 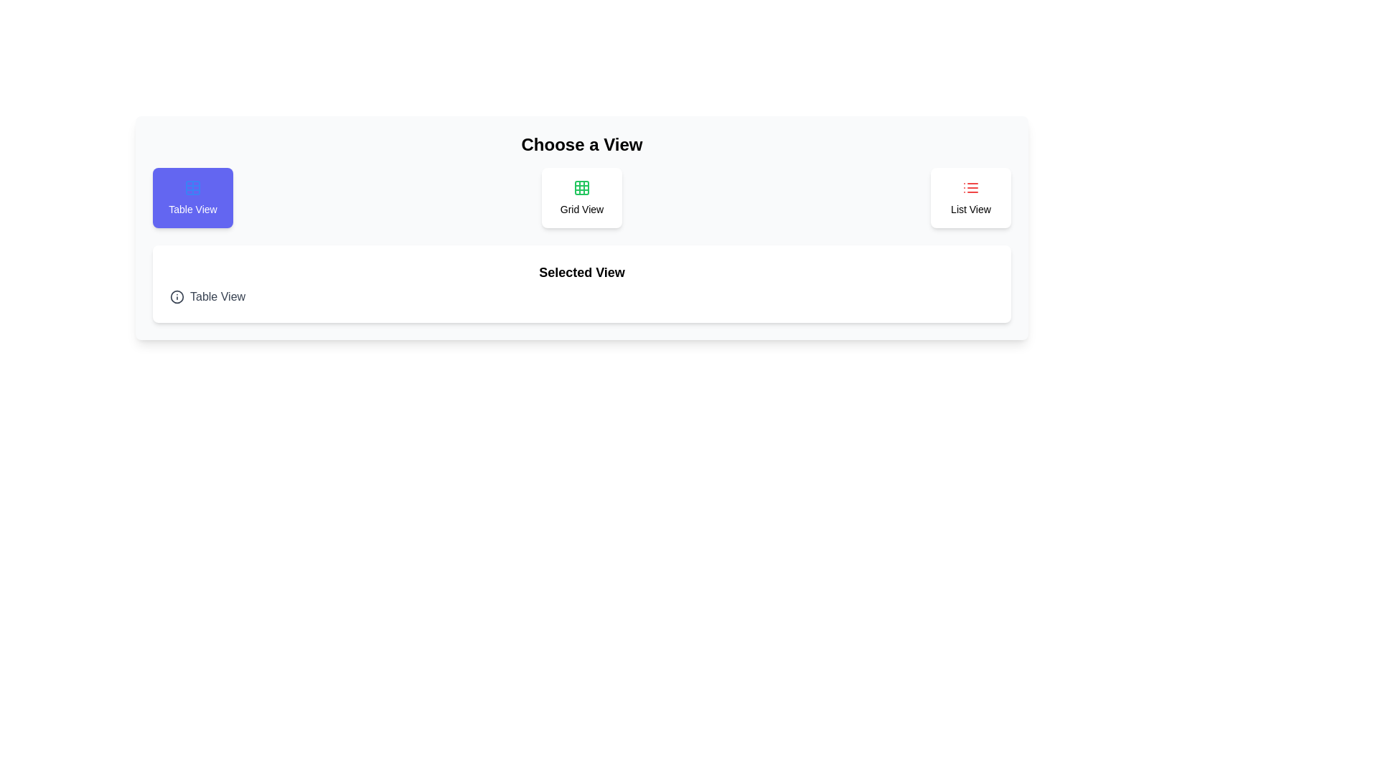 What do you see at coordinates (582, 198) in the screenshot?
I see `the 'Grid View' button located centrally under the heading 'Choose a View', which is the second item in a row of three options between 'Table View' and 'List View'` at bounding box center [582, 198].